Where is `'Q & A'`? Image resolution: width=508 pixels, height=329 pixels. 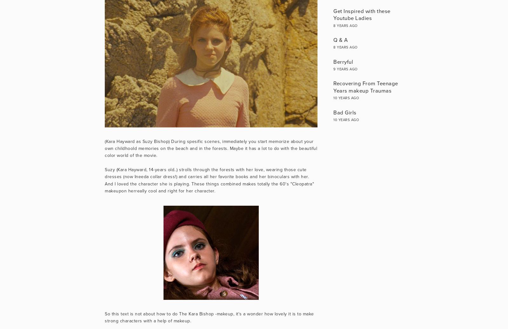
'Q & A' is located at coordinates (340, 39).